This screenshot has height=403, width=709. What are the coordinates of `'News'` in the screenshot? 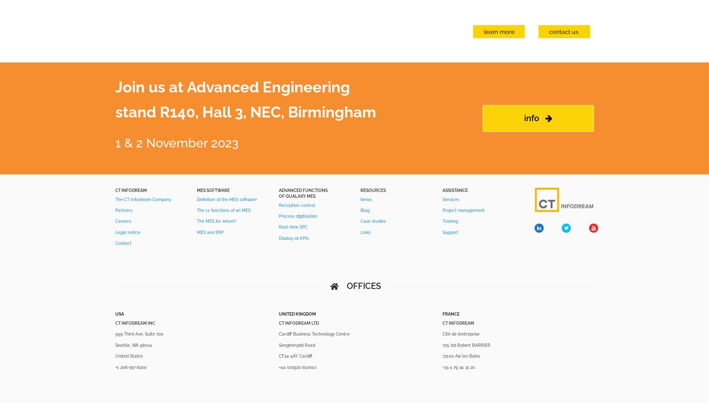 It's located at (360, 199).